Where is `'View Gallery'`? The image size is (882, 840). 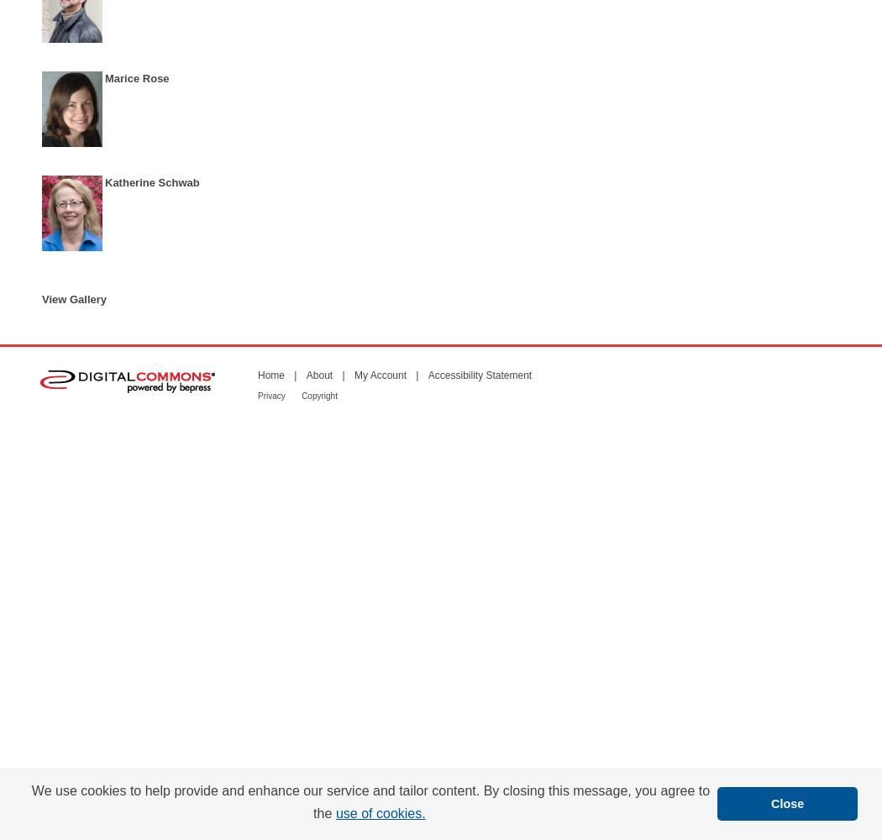 'View Gallery' is located at coordinates (74, 297).